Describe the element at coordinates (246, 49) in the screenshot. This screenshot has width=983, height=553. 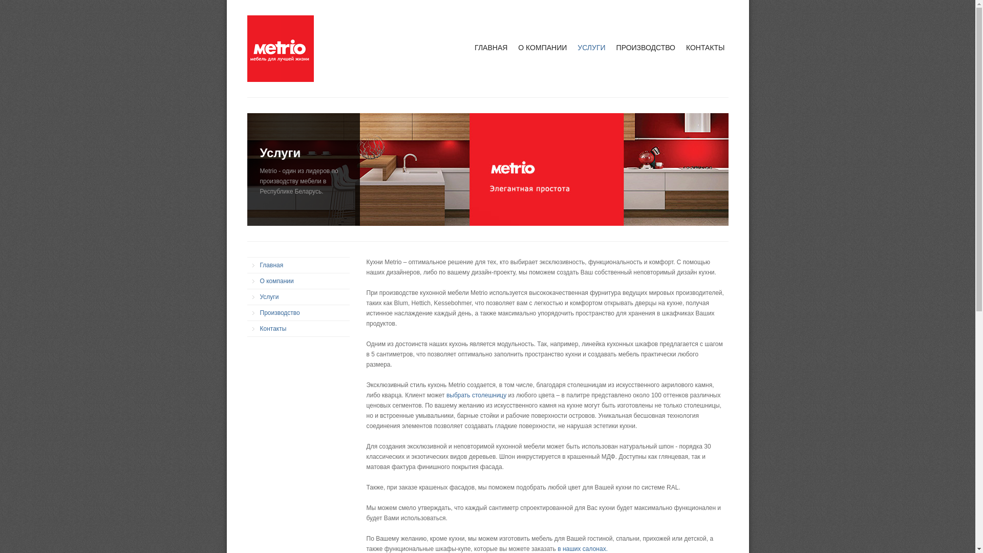
I see `'Back Home'` at that location.